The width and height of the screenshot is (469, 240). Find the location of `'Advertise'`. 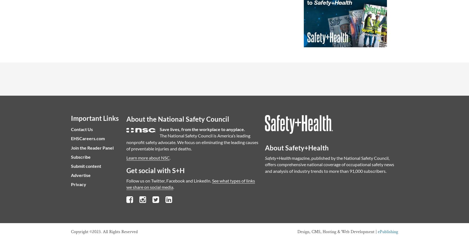

'Advertise' is located at coordinates (80, 175).